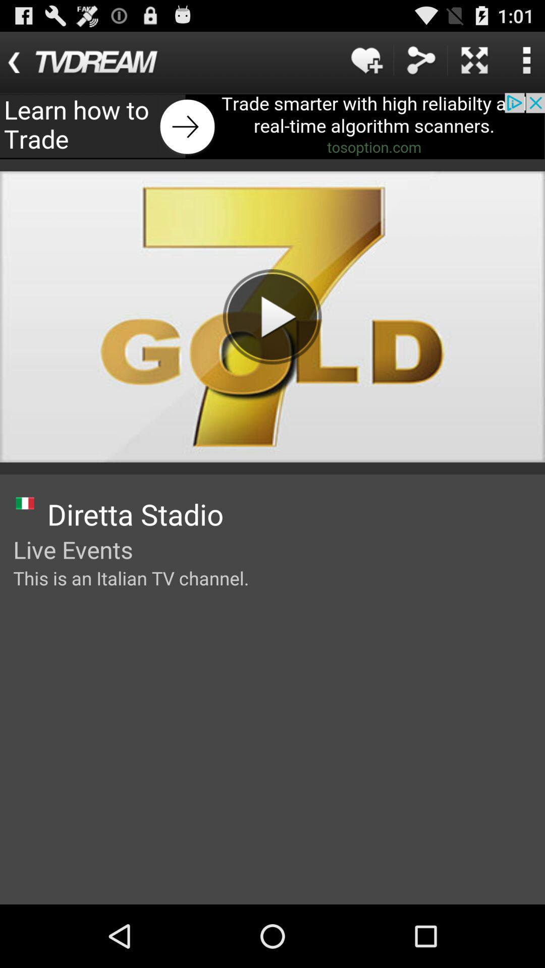 The height and width of the screenshot is (968, 545). Describe the element at coordinates (271, 316) in the screenshot. I see `media` at that location.